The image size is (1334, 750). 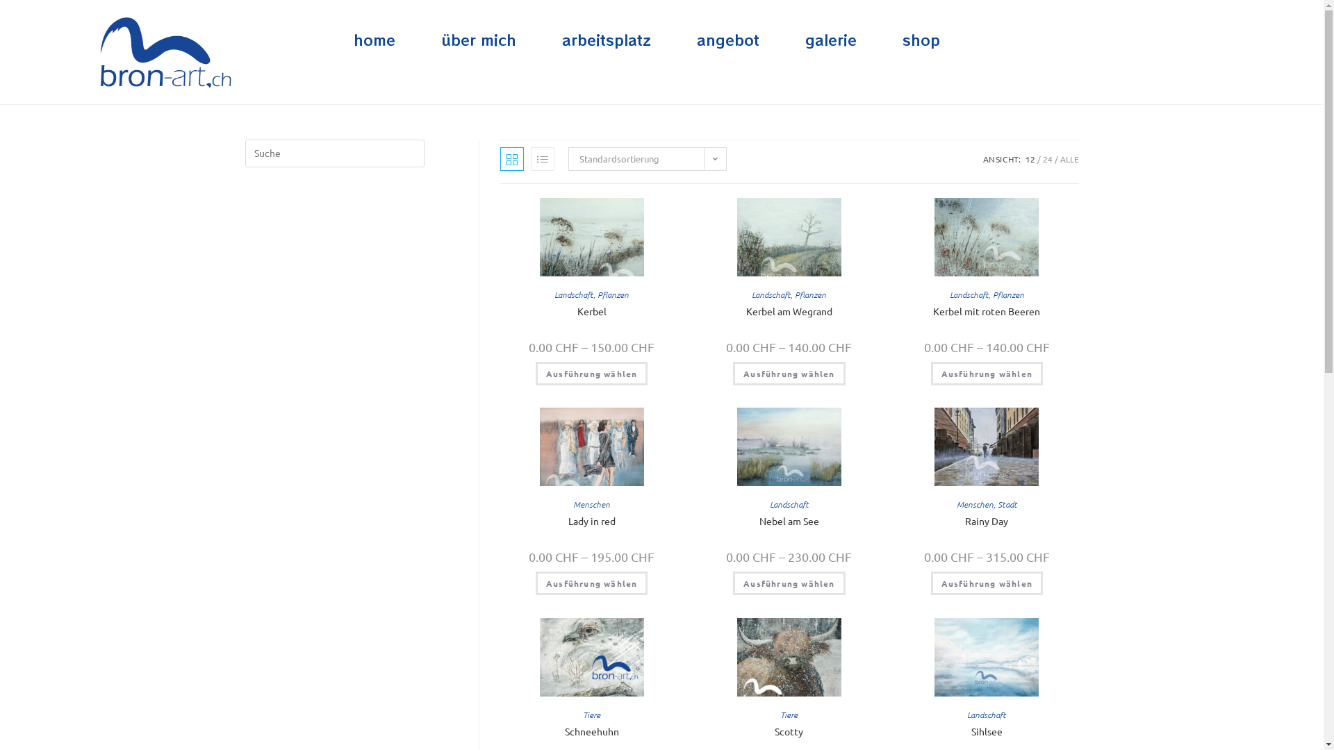 I want to click on 'Rasteransicht', so click(x=500, y=158).